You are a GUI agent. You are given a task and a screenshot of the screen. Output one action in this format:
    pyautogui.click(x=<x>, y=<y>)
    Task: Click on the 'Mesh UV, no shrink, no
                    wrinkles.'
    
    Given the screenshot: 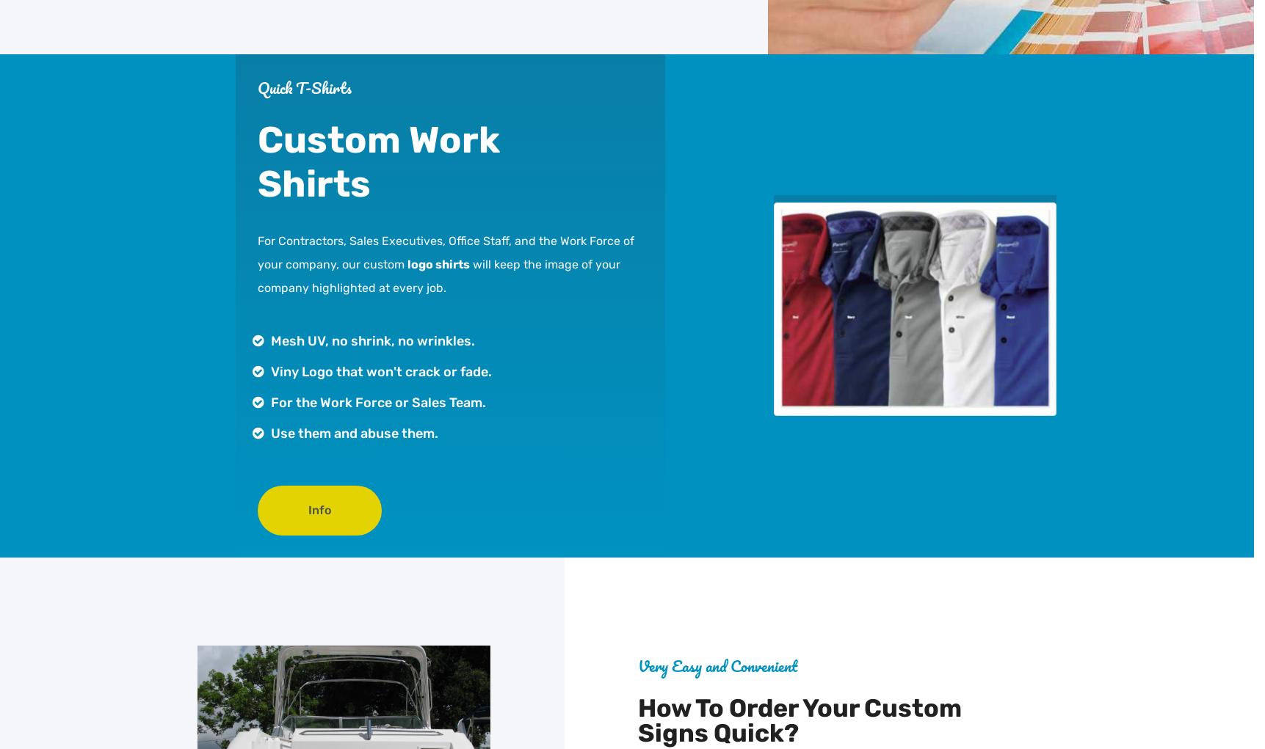 What is the action you would take?
    pyautogui.click(x=371, y=340)
    